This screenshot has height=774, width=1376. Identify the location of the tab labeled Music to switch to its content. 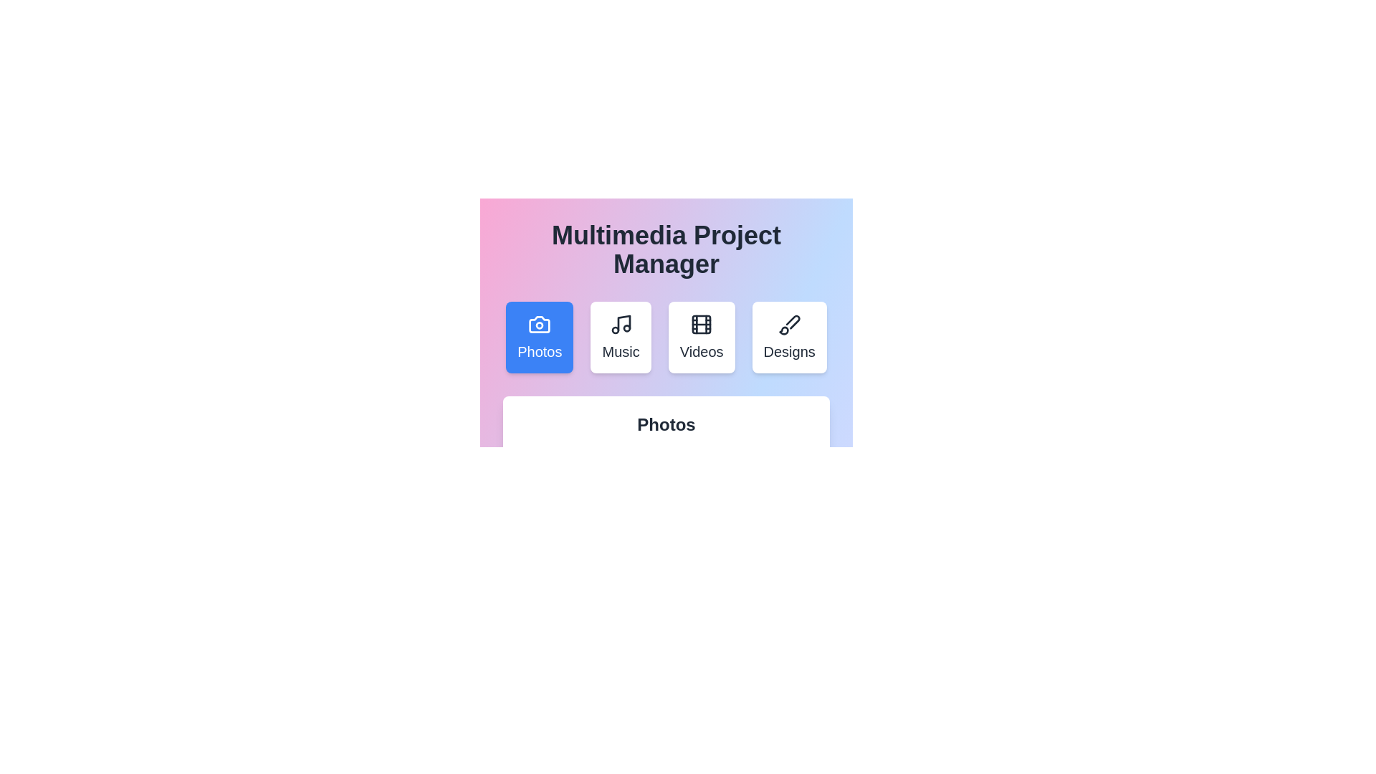
(620, 337).